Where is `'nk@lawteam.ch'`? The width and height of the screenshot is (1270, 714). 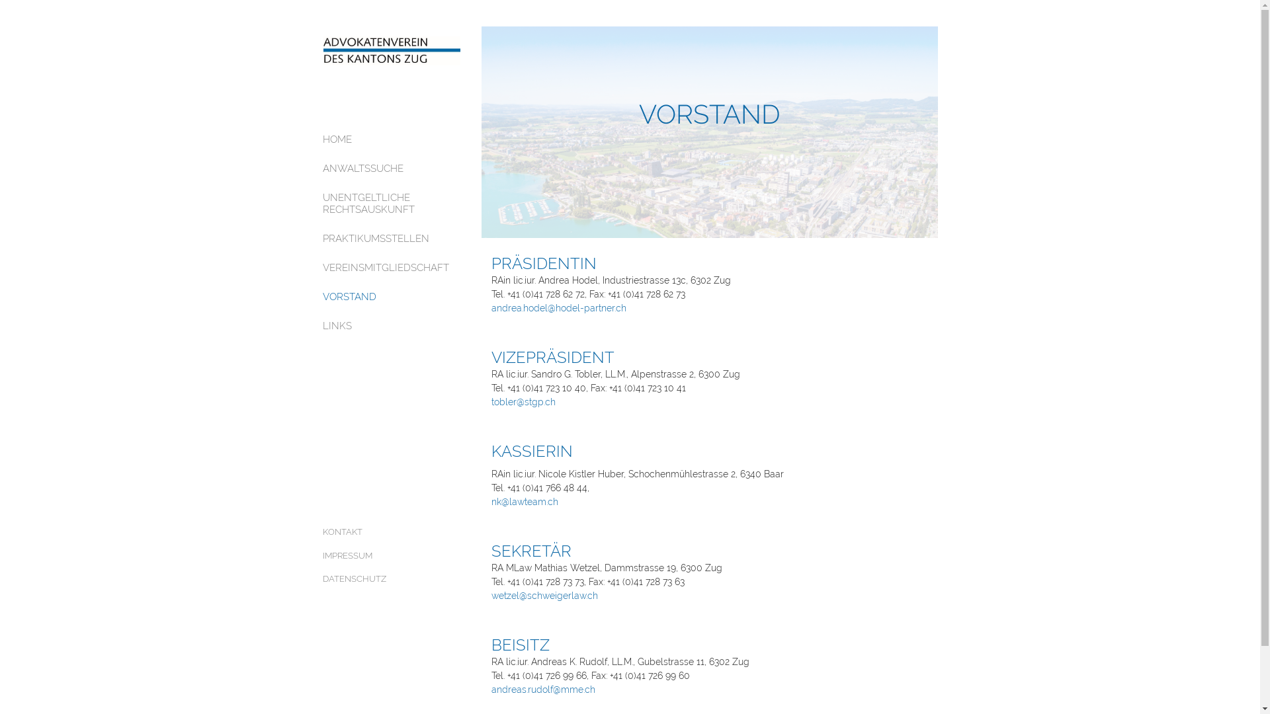
'nk@lawteam.ch' is located at coordinates (523, 502).